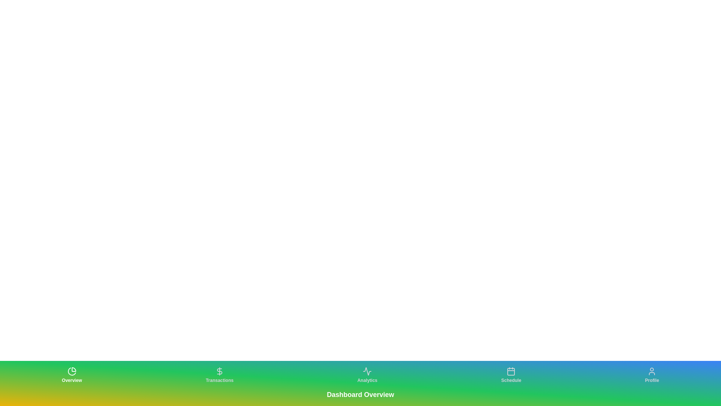 This screenshot has width=721, height=406. I want to click on the tab labeled Analytics, so click(367, 375).